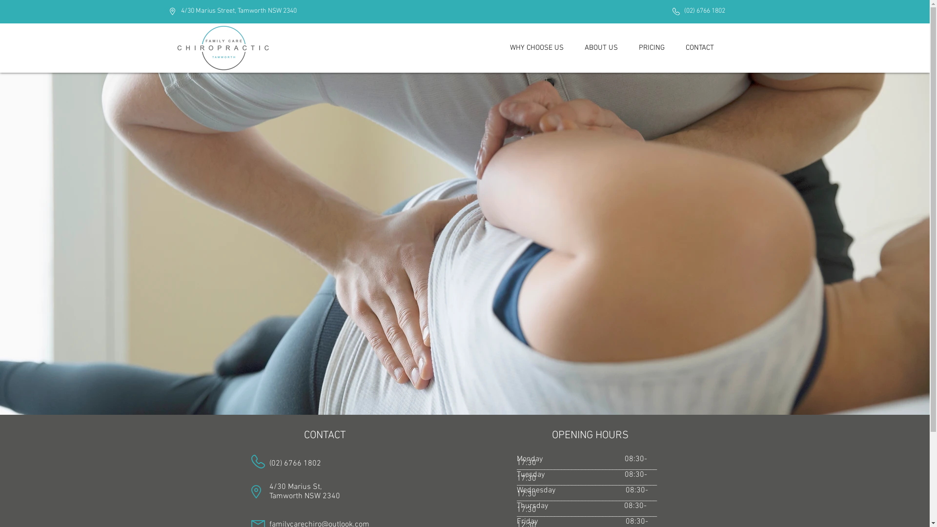  I want to click on 'ABOUT US', so click(600, 48).